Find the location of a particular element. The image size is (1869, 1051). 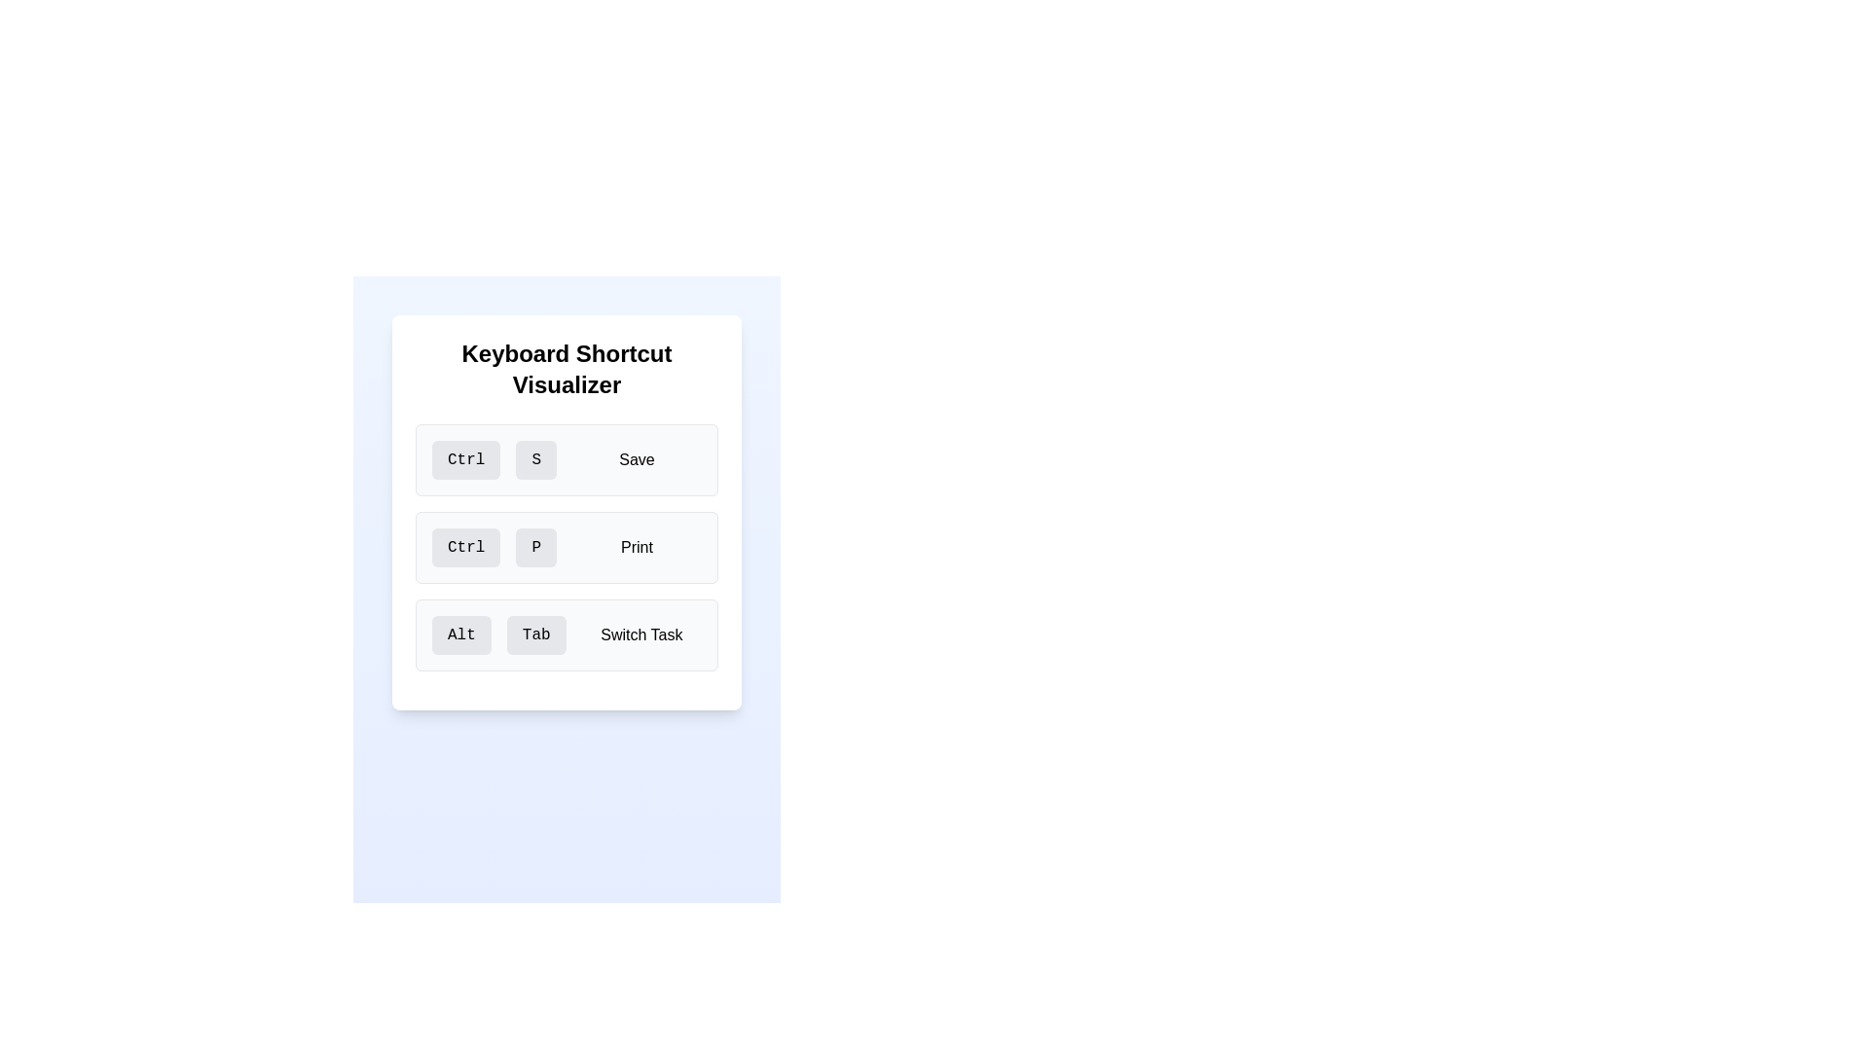

the 'Tab' button in the 'AltTabSwitch Task' group is located at coordinates (536, 634).